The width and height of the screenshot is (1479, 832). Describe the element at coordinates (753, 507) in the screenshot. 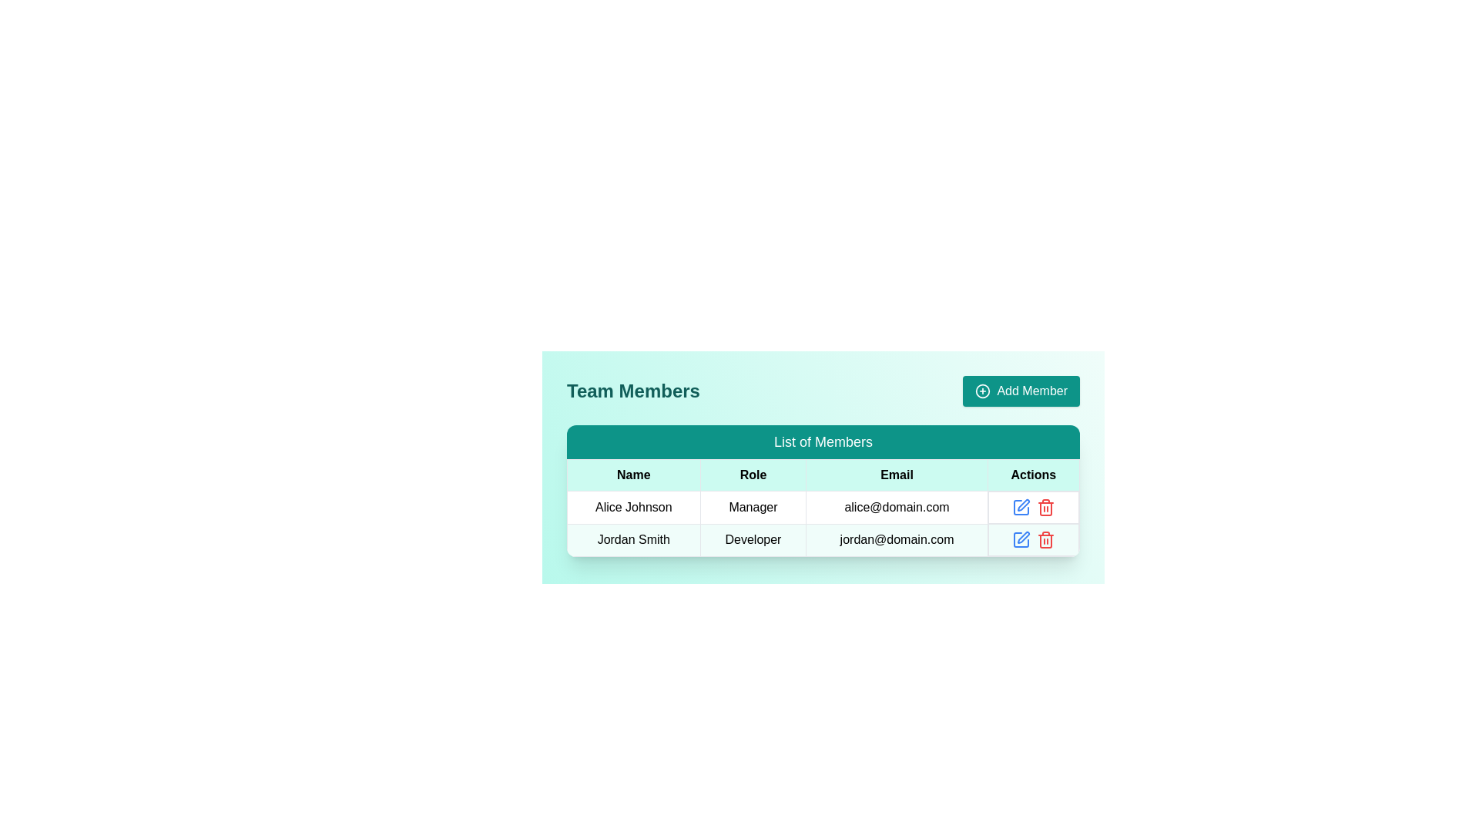

I see `the static text label displaying the role 'Manager' for Alice Johnson, which is located in the second column of the first row under the 'Role' header` at that location.